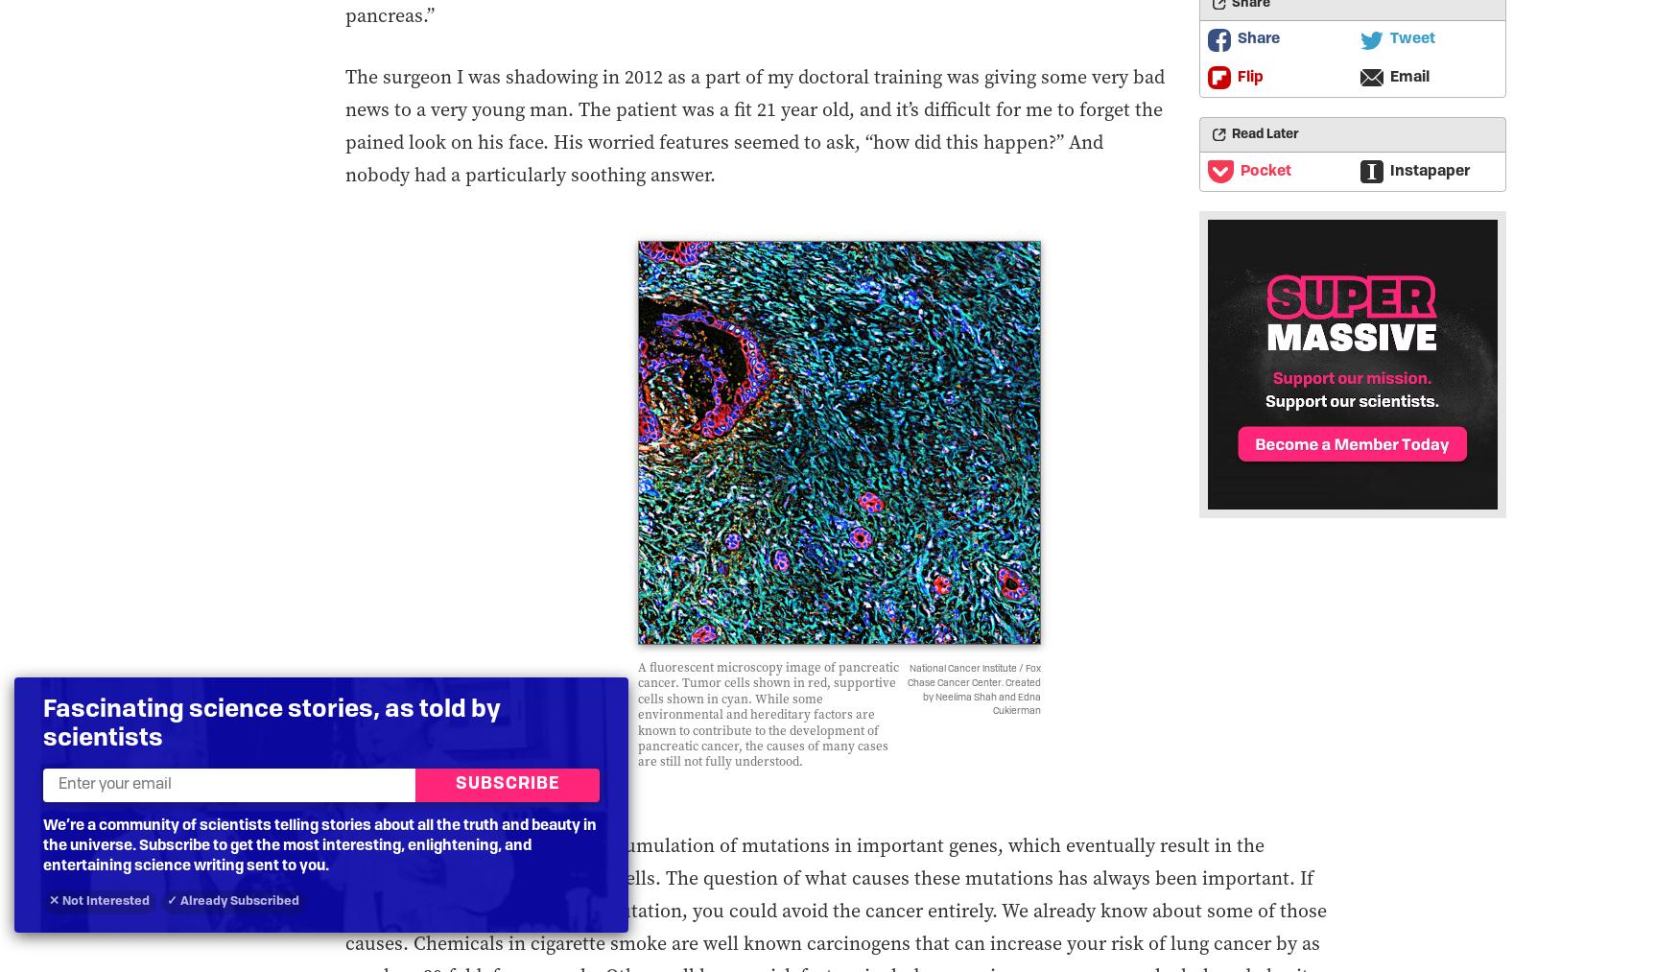  I want to click on 'Fascinating science stories, as told by scientists', so click(271, 723).